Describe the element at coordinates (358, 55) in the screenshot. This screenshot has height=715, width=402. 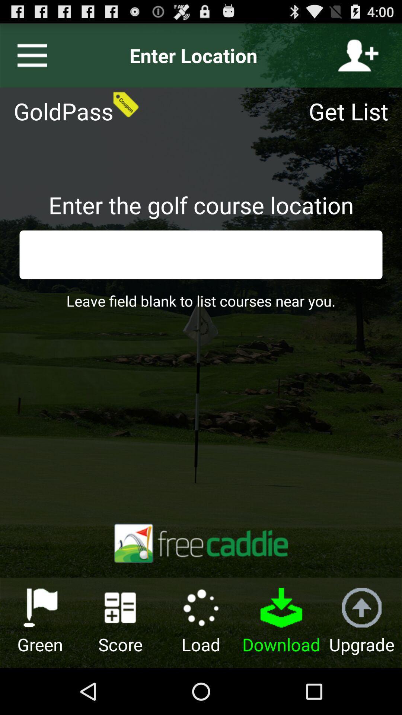
I see `the icon above get list` at that location.